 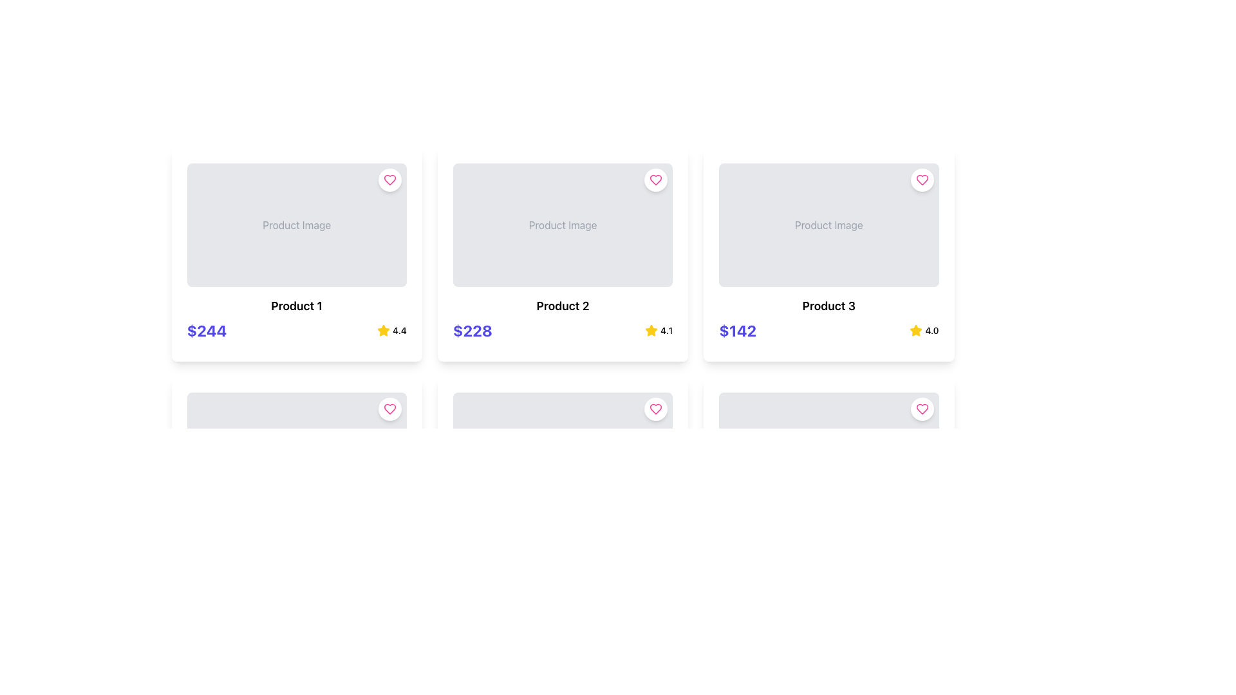 What do you see at coordinates (921, 180) in the screenshot?
I see `the heart-shaped icon with a pink outline located at the top-right corner of the 'Product 3' card` at bounding box center [921, 180].